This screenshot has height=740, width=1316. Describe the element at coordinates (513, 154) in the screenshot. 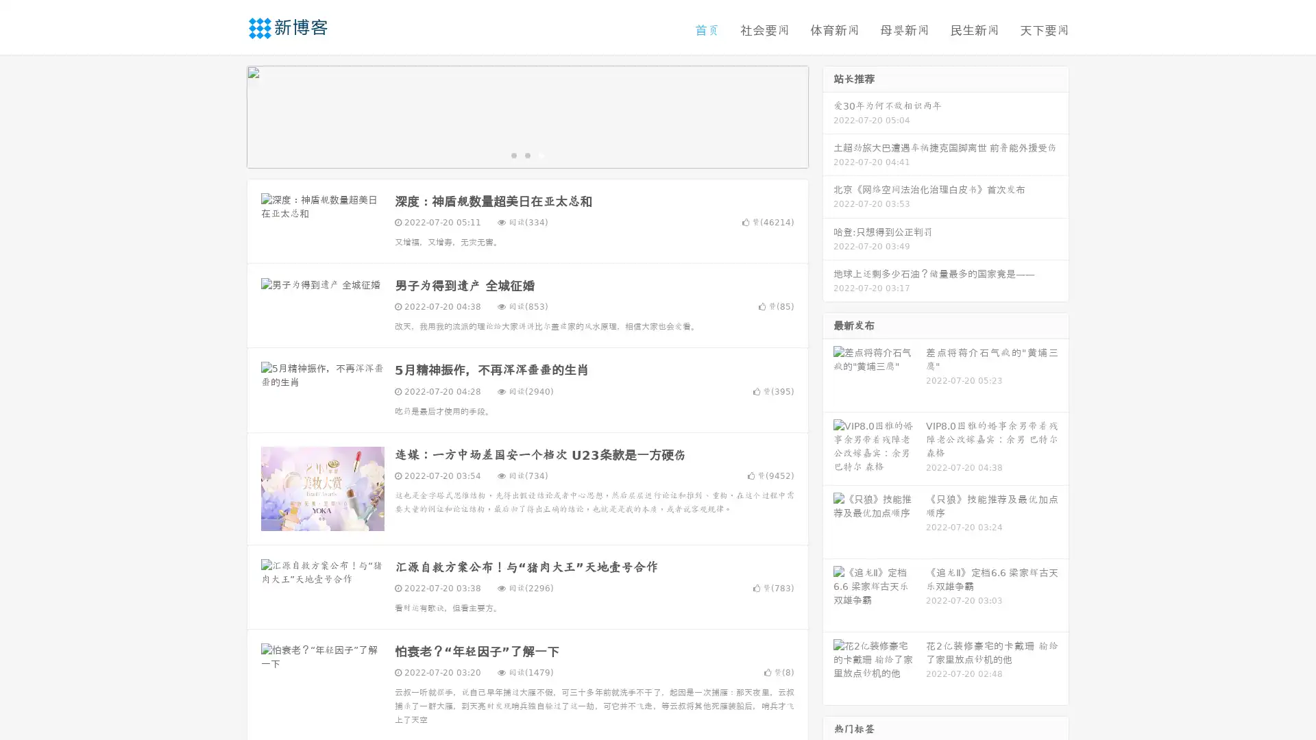

I see `Go to slide 1` at that location.